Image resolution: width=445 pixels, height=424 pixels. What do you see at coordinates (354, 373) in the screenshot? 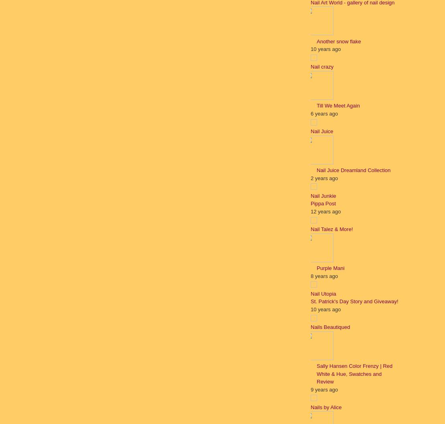
I see `'Sally Hansen Color Frenzy | Red White & Hue, Swatches and Review'` at bounding box center [354, 373].